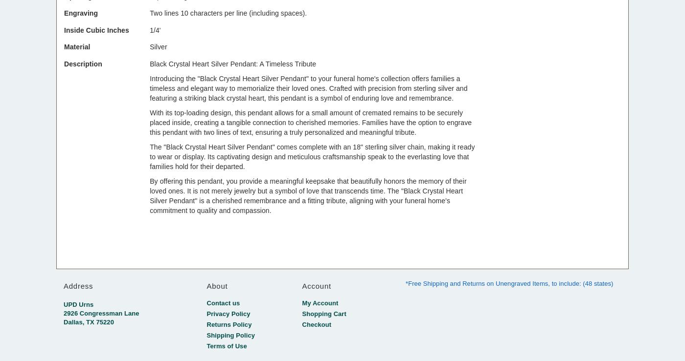 The height and width of the screenshot is (361, 685). What do you see at coordinates (78, 285) in the screenshot?
I see `'Address'` at bounding box center [78, 285].